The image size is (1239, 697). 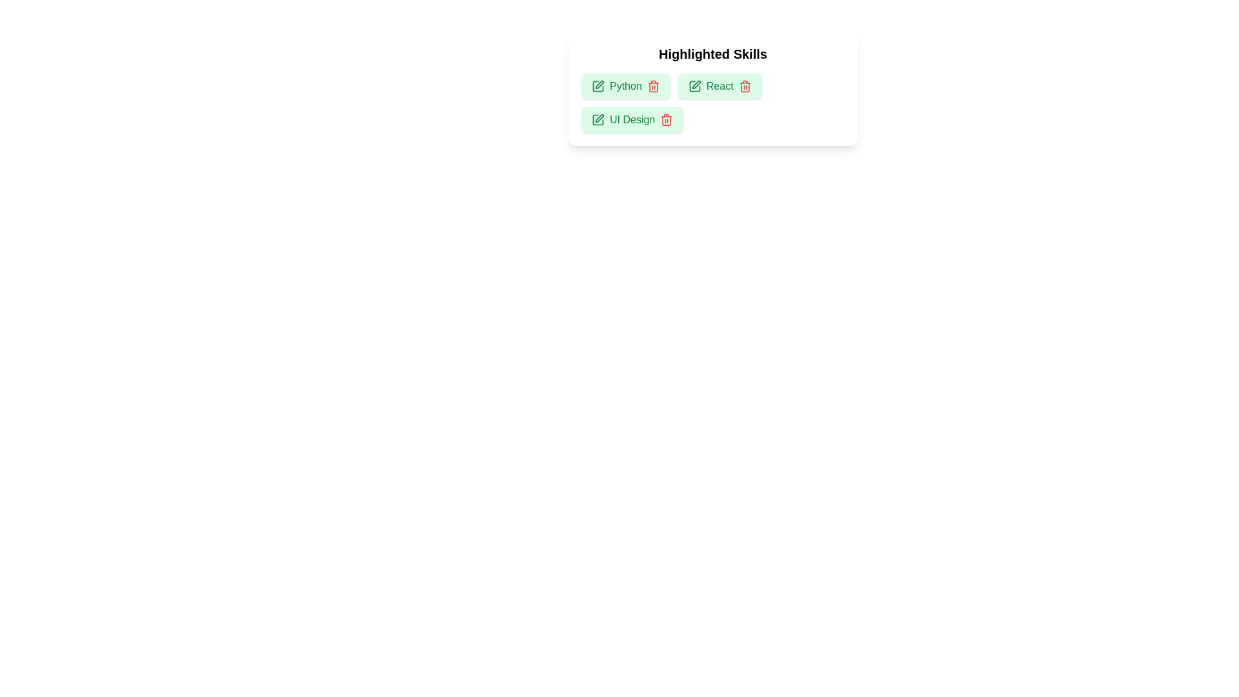 I want to click on edit icon next to the skill React to initiate editing, so click(x=693, y=86).